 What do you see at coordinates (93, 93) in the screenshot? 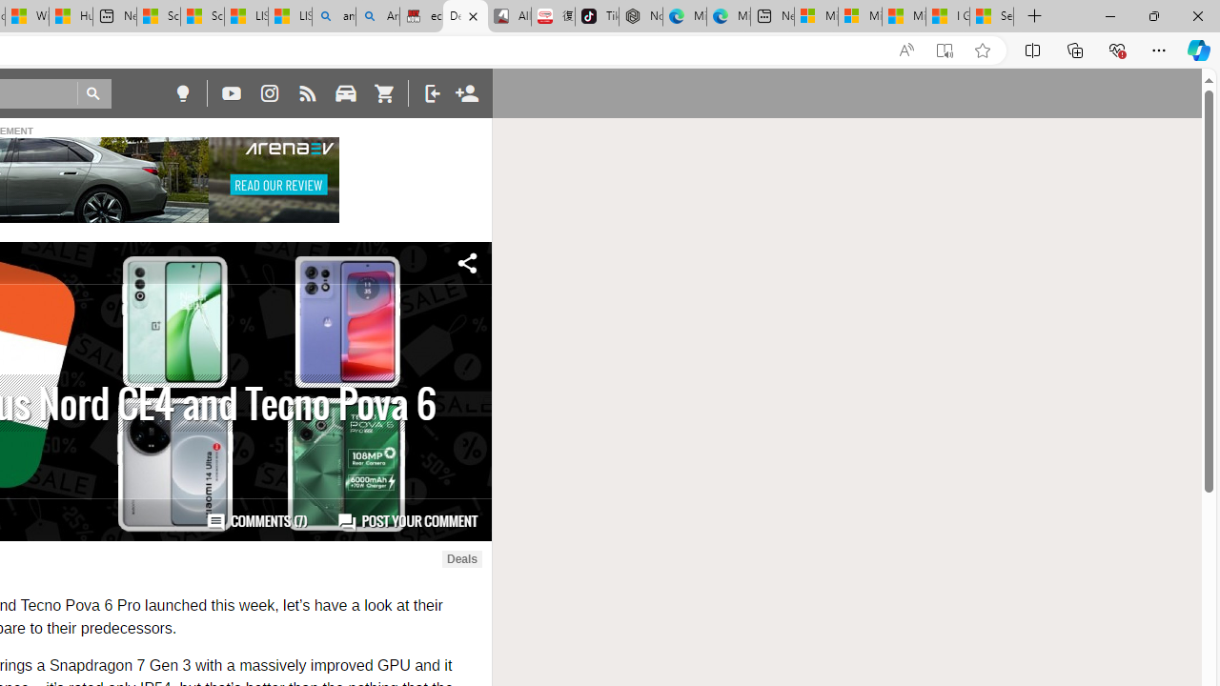
I see `'Go'` at bounding box center [93, 93].